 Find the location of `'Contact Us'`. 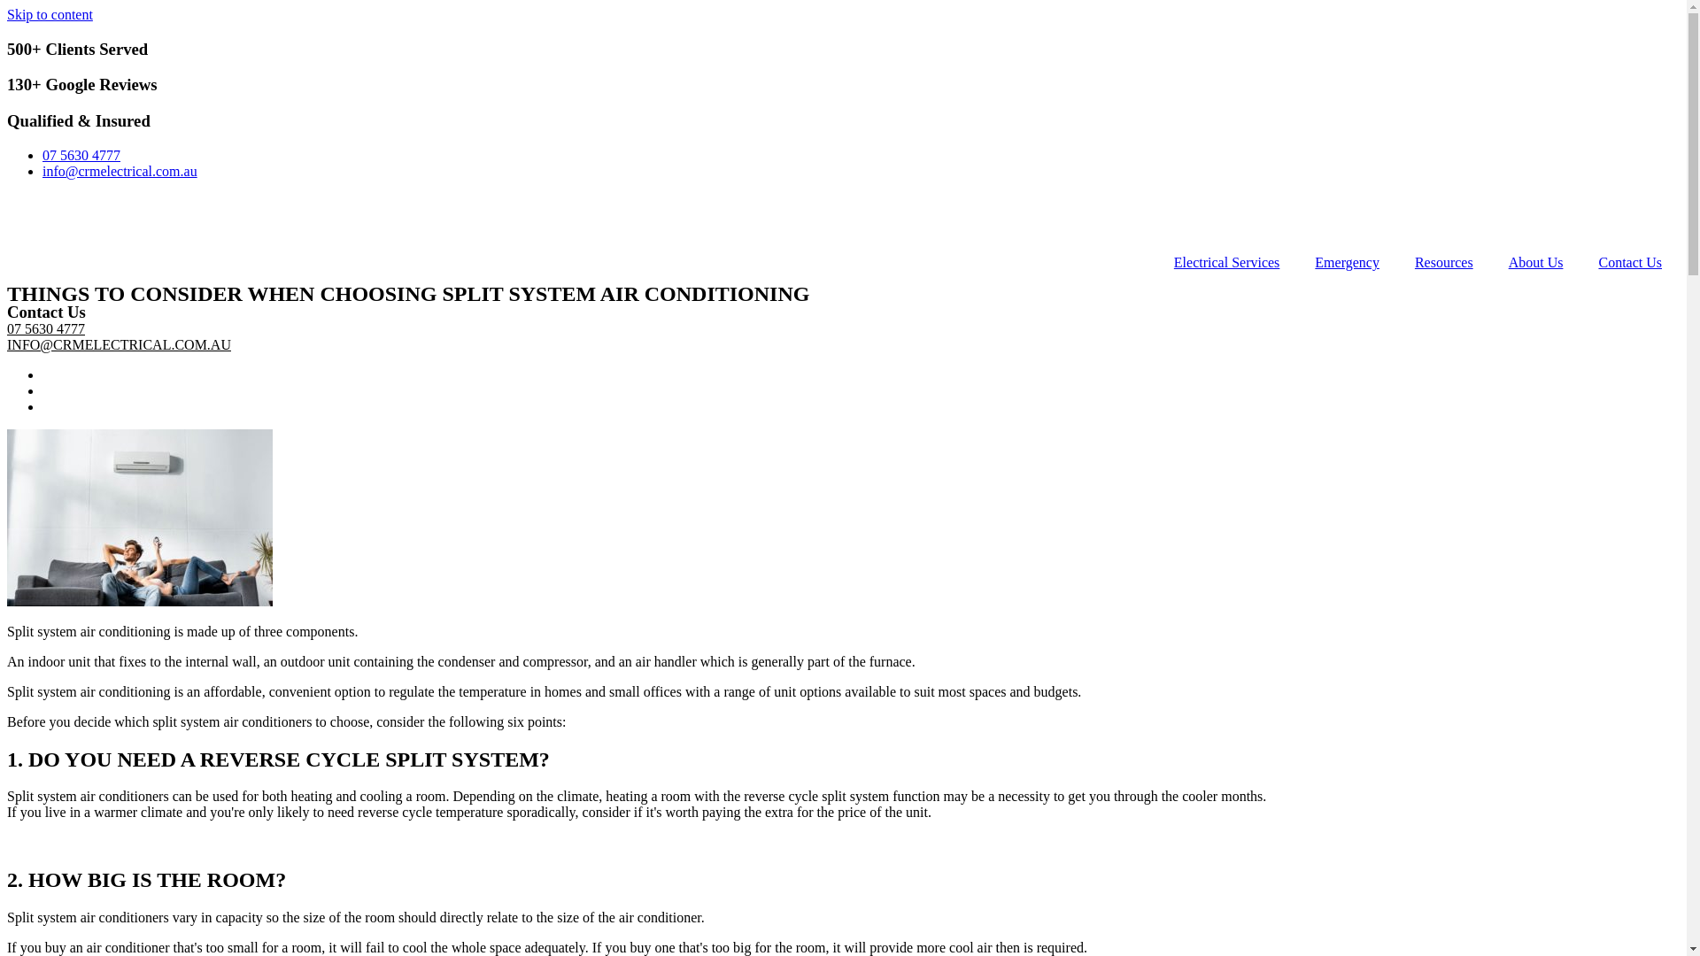

'Contact Us' is located at coordinates (1629, 263).